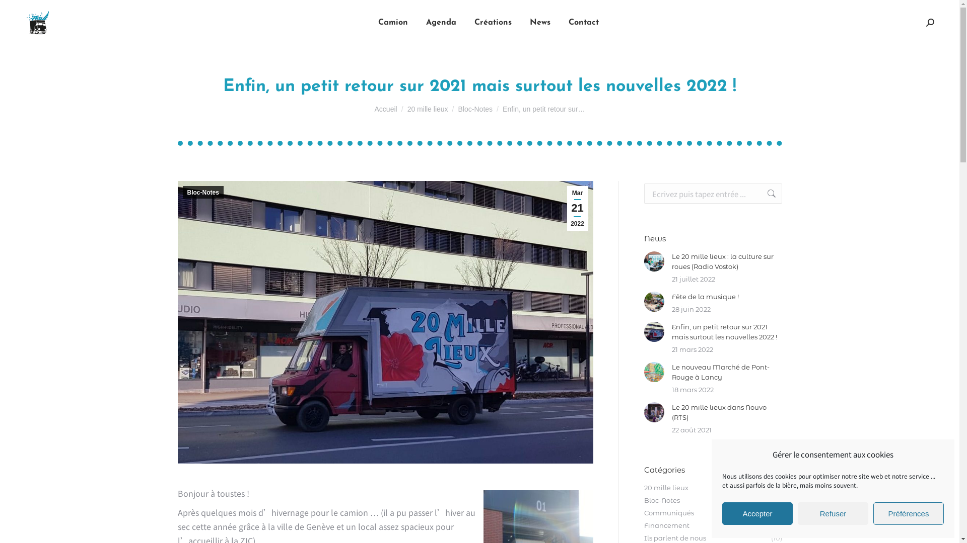 Image resolution: width=967 pixels, height=543 pixels. Describe the element at coordinates (375, 23) in the screenshot. I see `'Camion'` at that location.